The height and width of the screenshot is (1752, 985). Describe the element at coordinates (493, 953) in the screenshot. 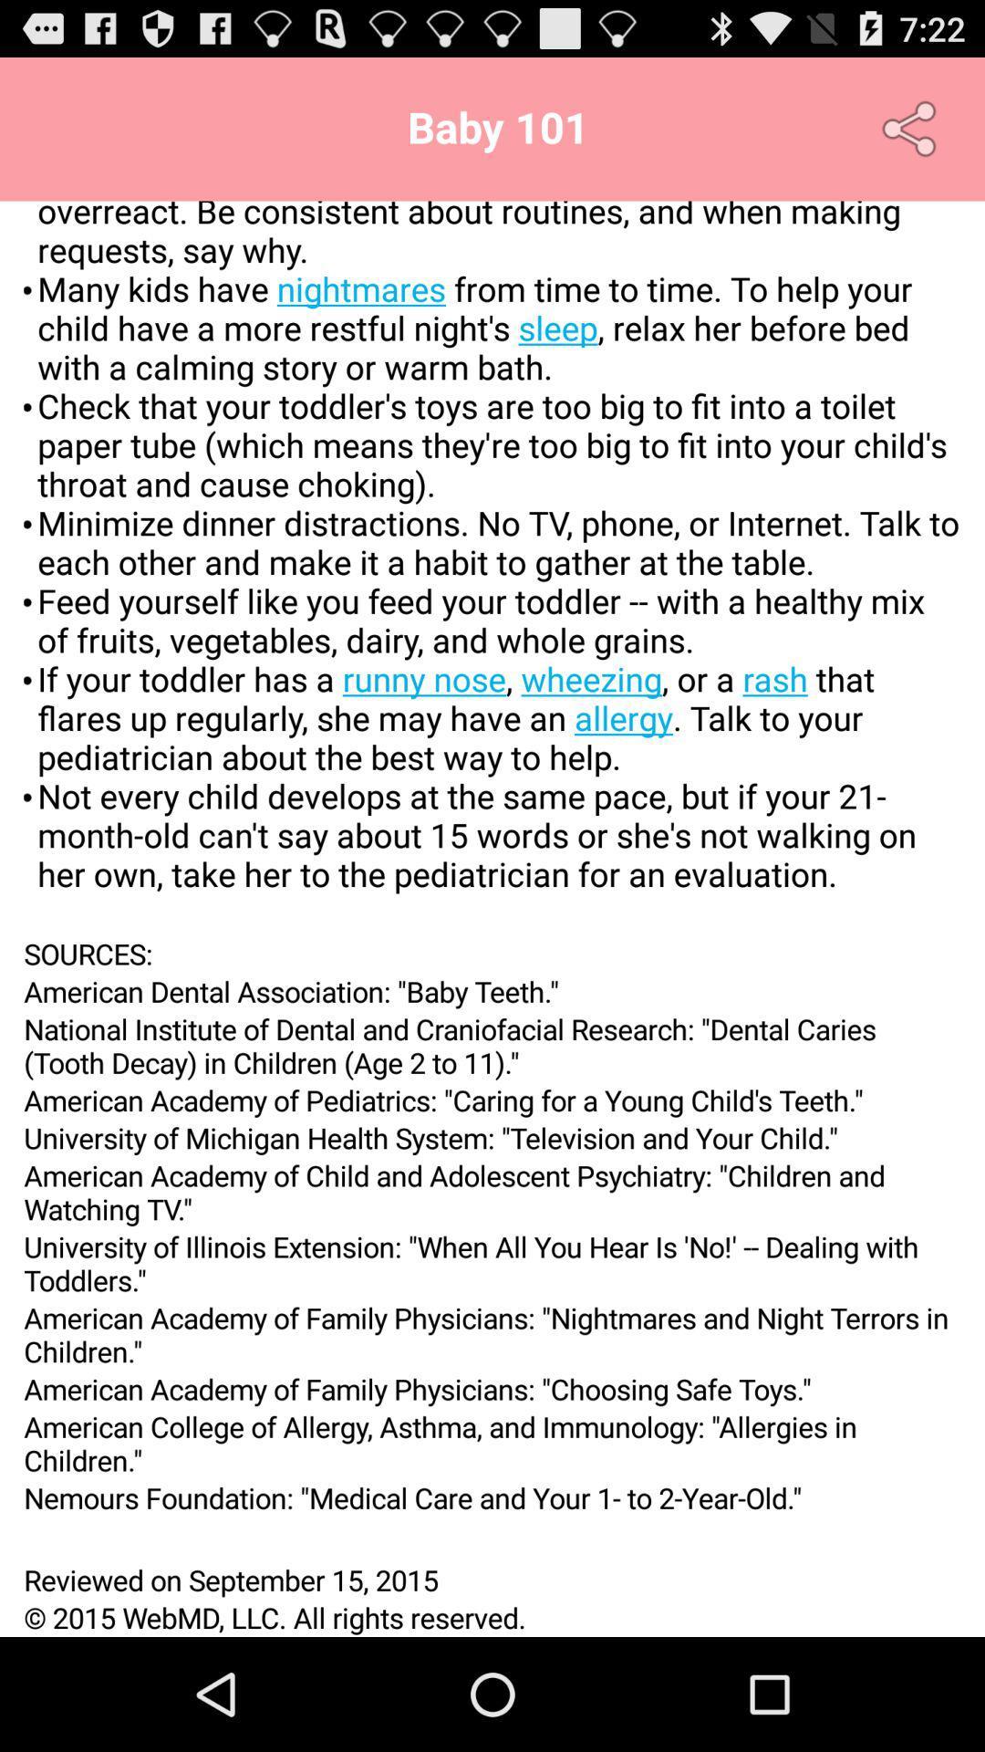

I see `app below month 21 tips item` at that location.